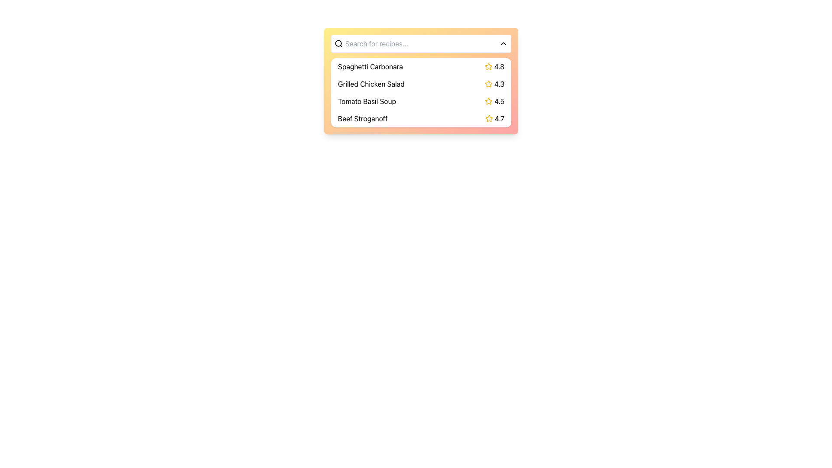  I want to click on the third menu item in the dropdown menu that displays detailed information about a dish, positioned below 'Grilled Chicken Salad (4.3)' and above 'Beef Stroganoff (4.7)', so click(421, 101).